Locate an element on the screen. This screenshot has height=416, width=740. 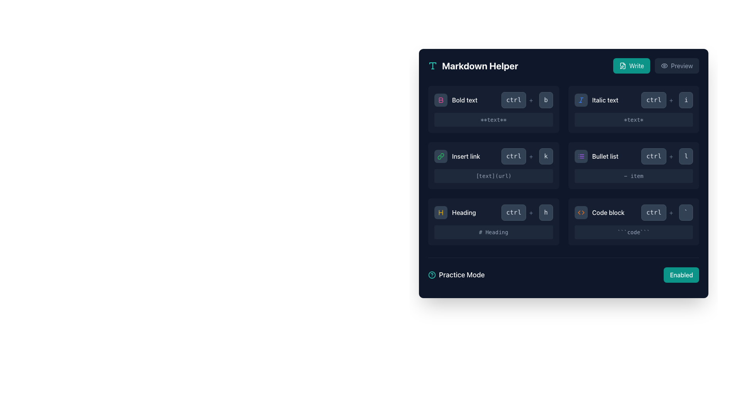
the 'Insert link' button located in the 'Markdown Helper' section, which helps users insert hyperlinks into markdown text is located at coordinates (457, 156).